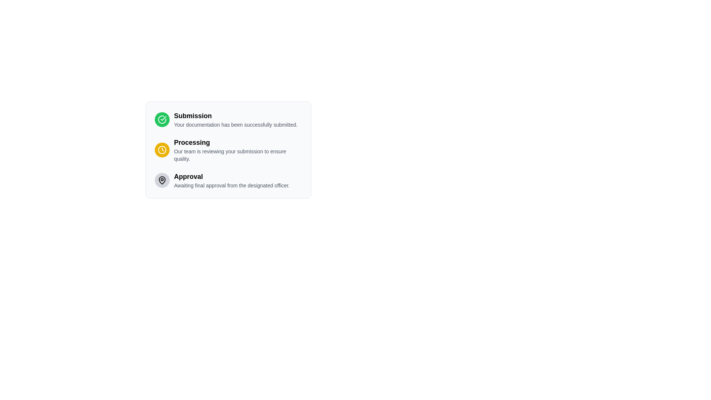  What do you see at coordinates (161, 180) in the screenshot?
I see `the map pin icon, which is styled to represent a location marker and is located at the bottom of the third status item in a vertical status list` at bounding box center [161, 180].